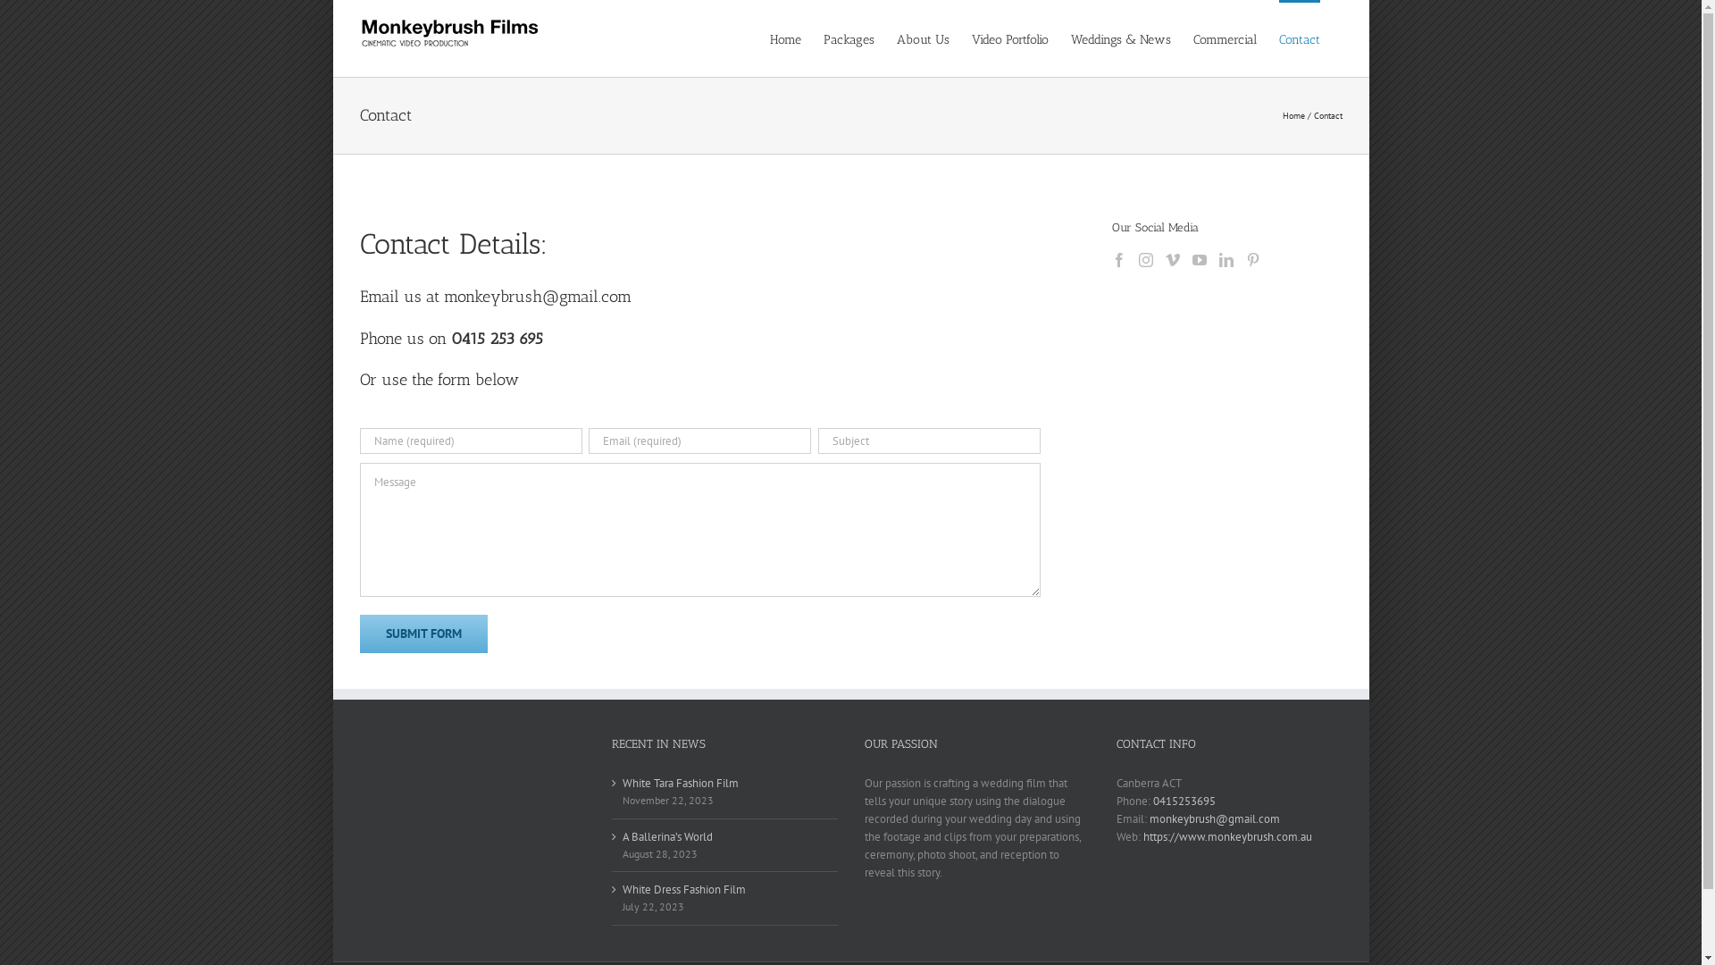 This screenshot has width=1715, height=965. I want to click on 'Instagram', so click(1145, 259).